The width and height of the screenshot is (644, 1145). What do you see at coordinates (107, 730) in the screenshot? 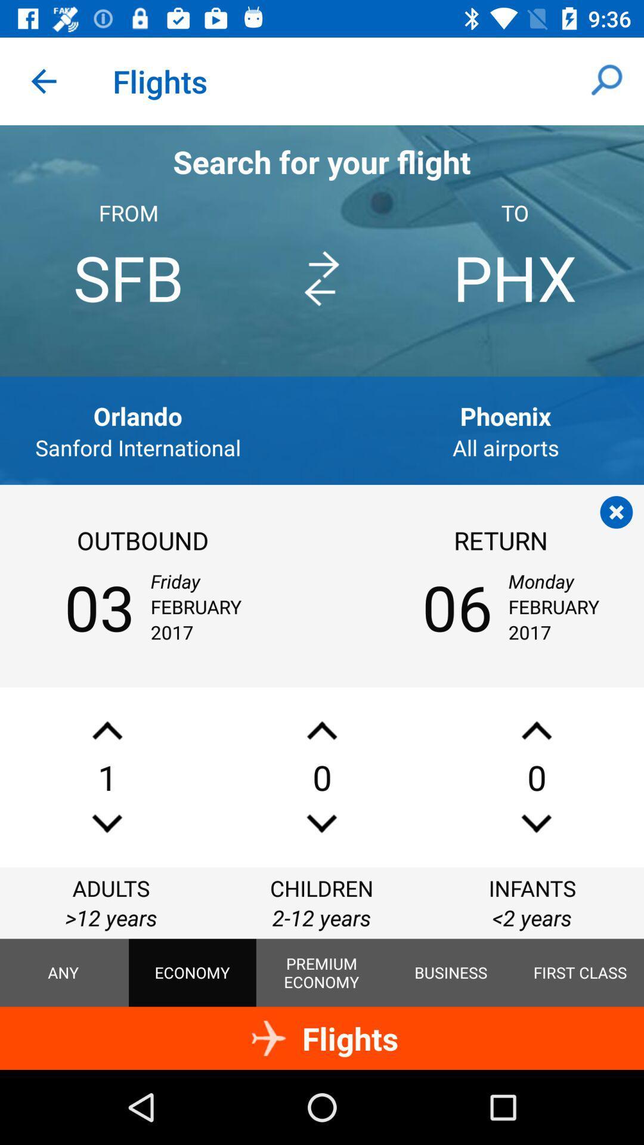
I see `adult` at bounding box center [107, 730].